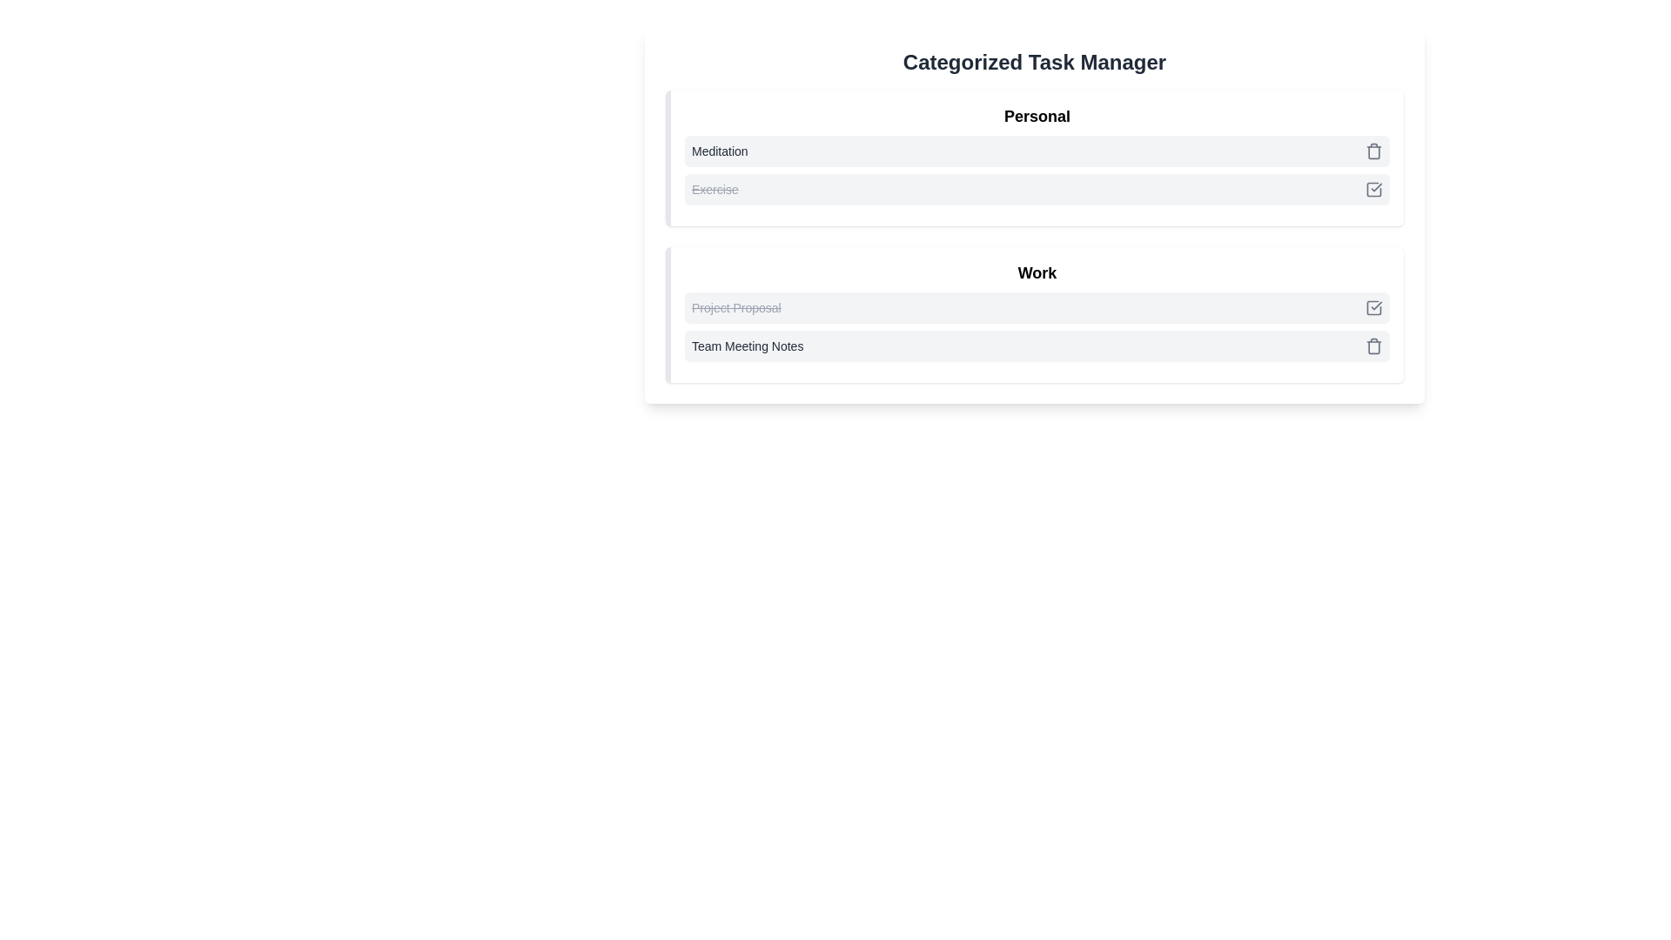 The width and height of the screenshot is (1671, 940). I want to click on the checkbox located at the right end of the 'Project Proposal' task row under the 'Work' category to check or uncheck the task, so click(1373, 307).